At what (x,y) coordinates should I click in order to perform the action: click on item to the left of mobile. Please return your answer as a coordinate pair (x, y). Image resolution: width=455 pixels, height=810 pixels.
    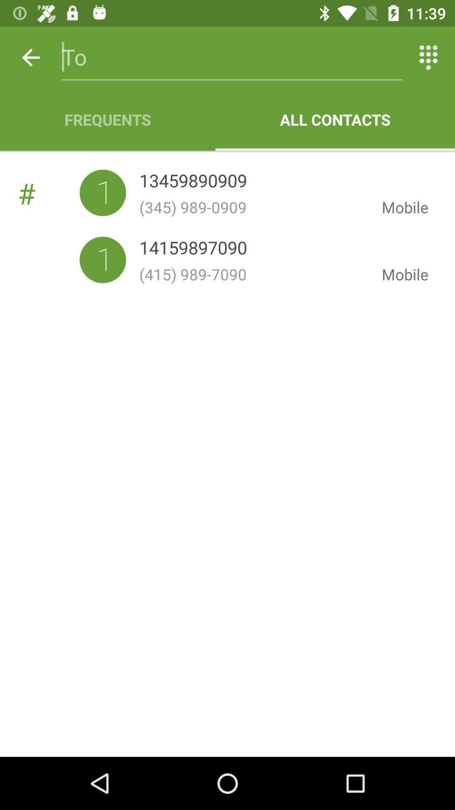
    Looking at the image, I should click on (193, 182).